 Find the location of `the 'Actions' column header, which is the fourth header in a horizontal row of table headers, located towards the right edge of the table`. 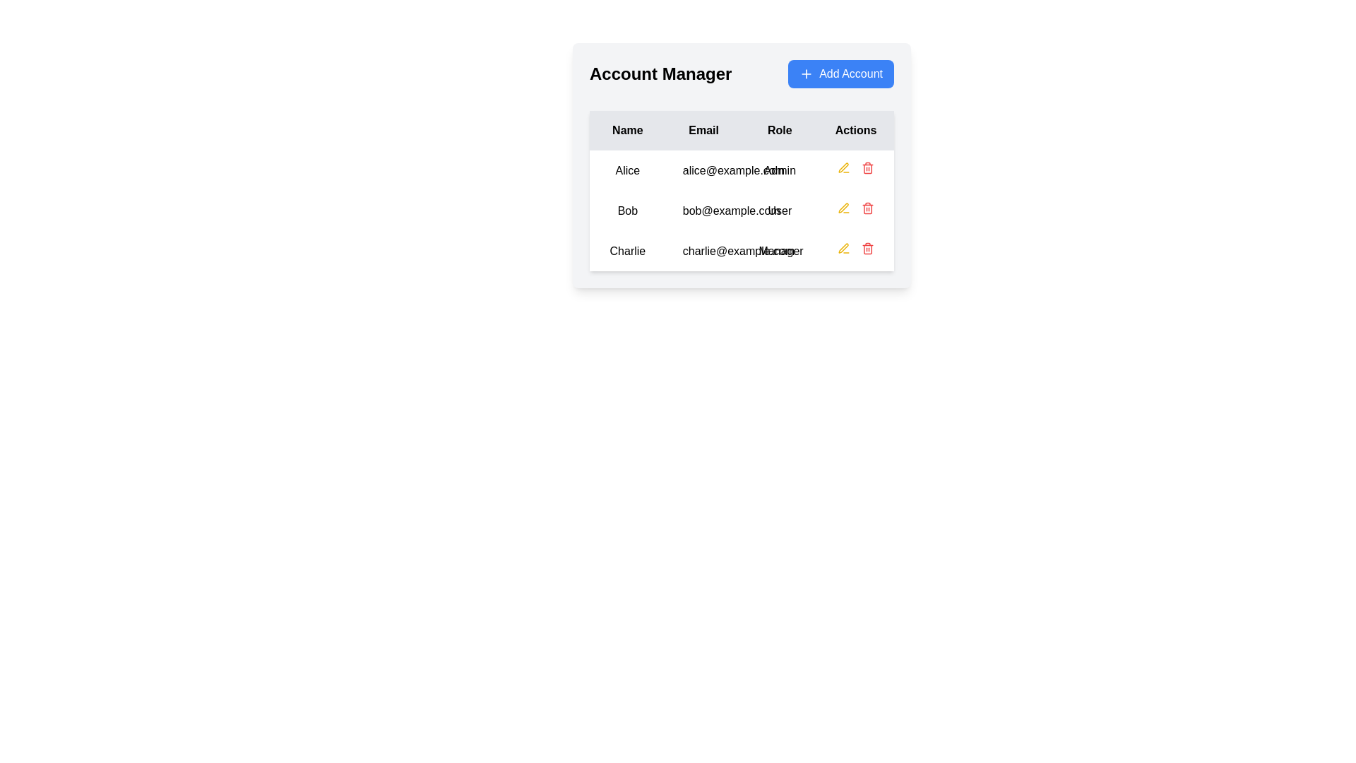

the 'Actions' column header, which is the fourth header in a horizontal row of table headers, located towards the right edge of the table is located at coordinates (855, 131).